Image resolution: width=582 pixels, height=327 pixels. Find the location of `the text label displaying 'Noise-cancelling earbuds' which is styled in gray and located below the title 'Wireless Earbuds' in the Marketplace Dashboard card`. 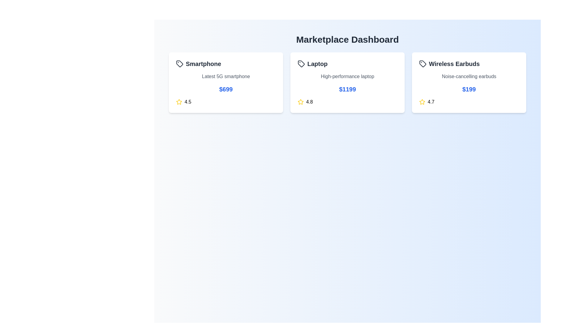

the text label displaying 'Noise-cancelling earbuds' which is styled in gray and located below the title 'Wireless Earbuds' in the Marketplace Dashboard card is located at coordinates (469, 76).